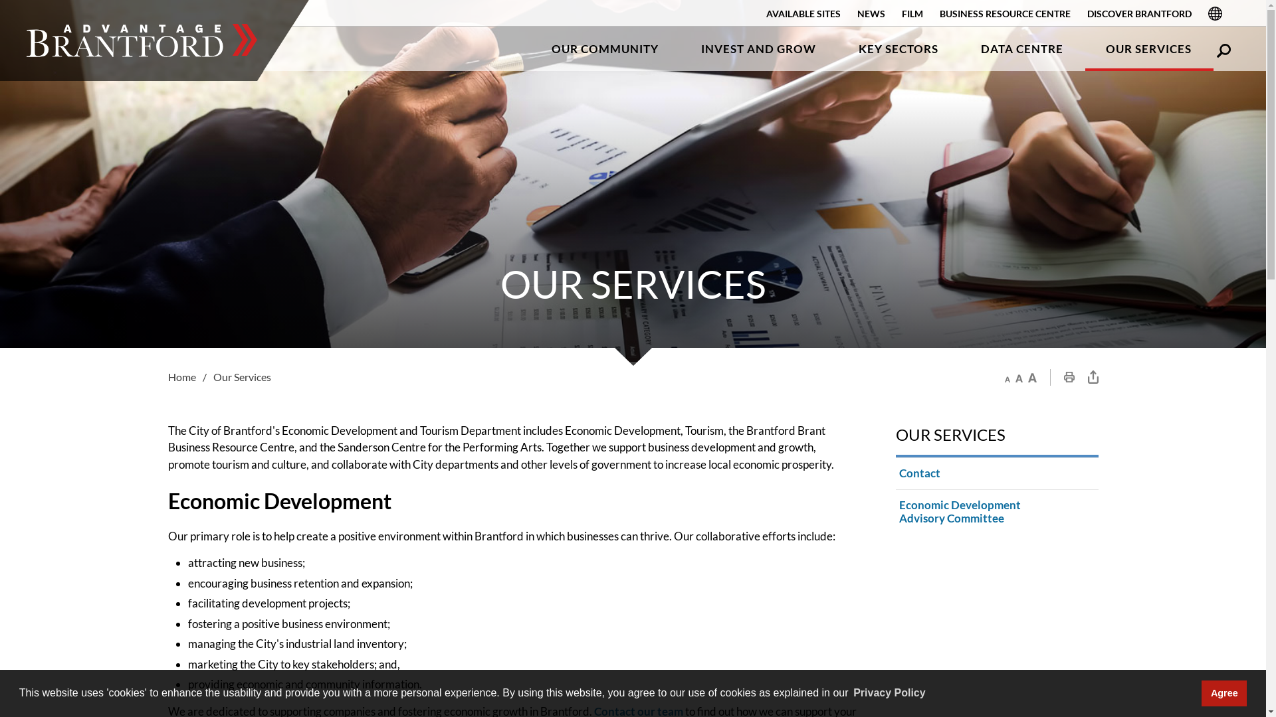  I want to click on 'OUR COMMUNITY', so click(529, 48).